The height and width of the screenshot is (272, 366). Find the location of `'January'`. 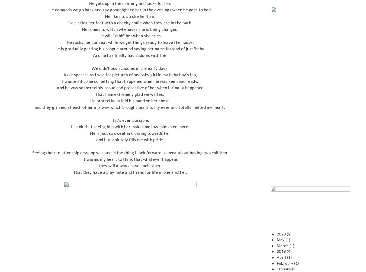

'January' is located at coordinates (284, 269).